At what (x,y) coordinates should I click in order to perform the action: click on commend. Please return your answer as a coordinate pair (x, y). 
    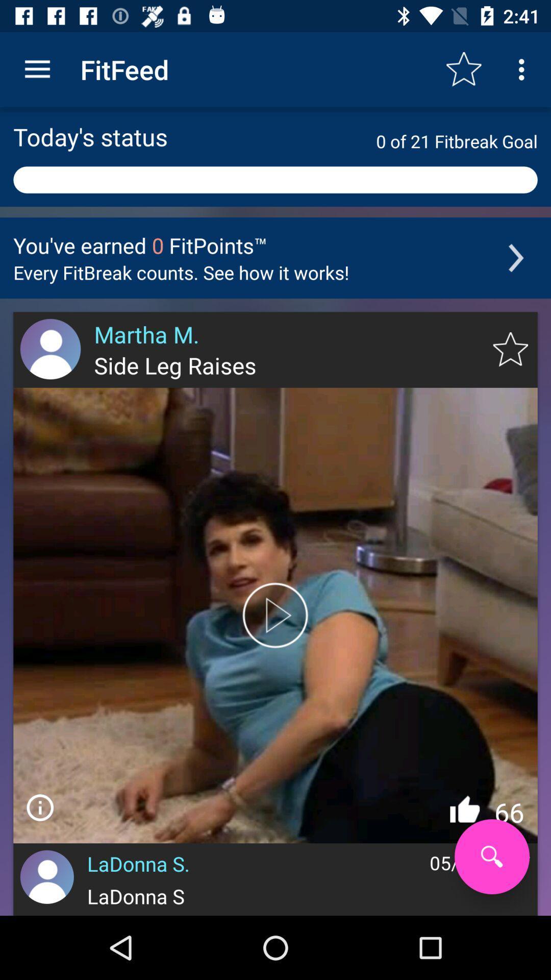
    Looking at the image, I should click on (39, 807).